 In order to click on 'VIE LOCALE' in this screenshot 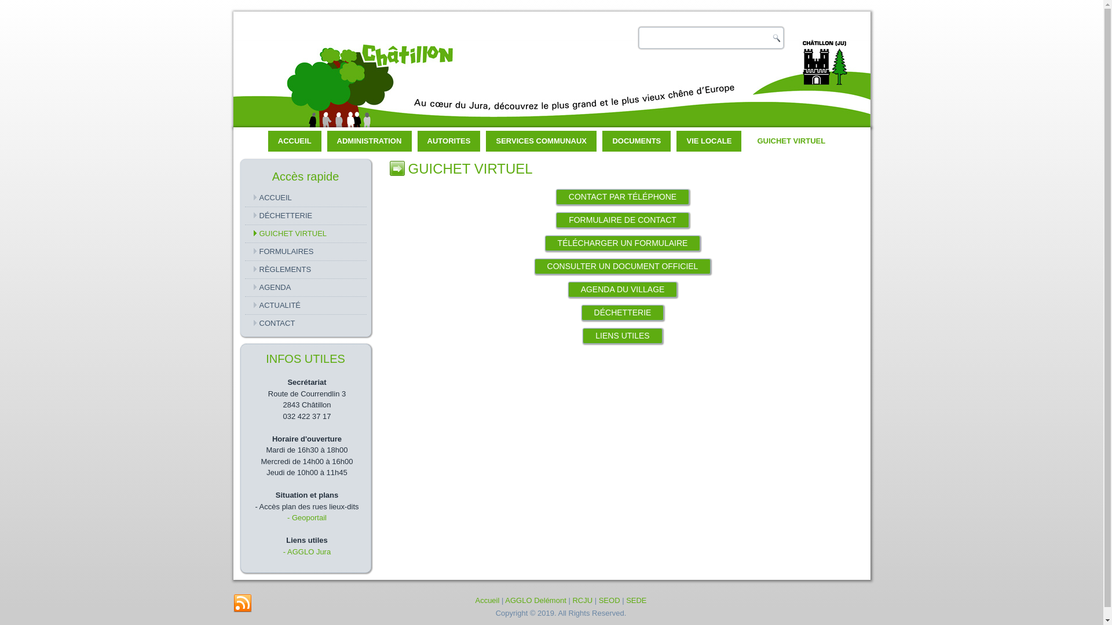, I will do `click(708, 140)`.